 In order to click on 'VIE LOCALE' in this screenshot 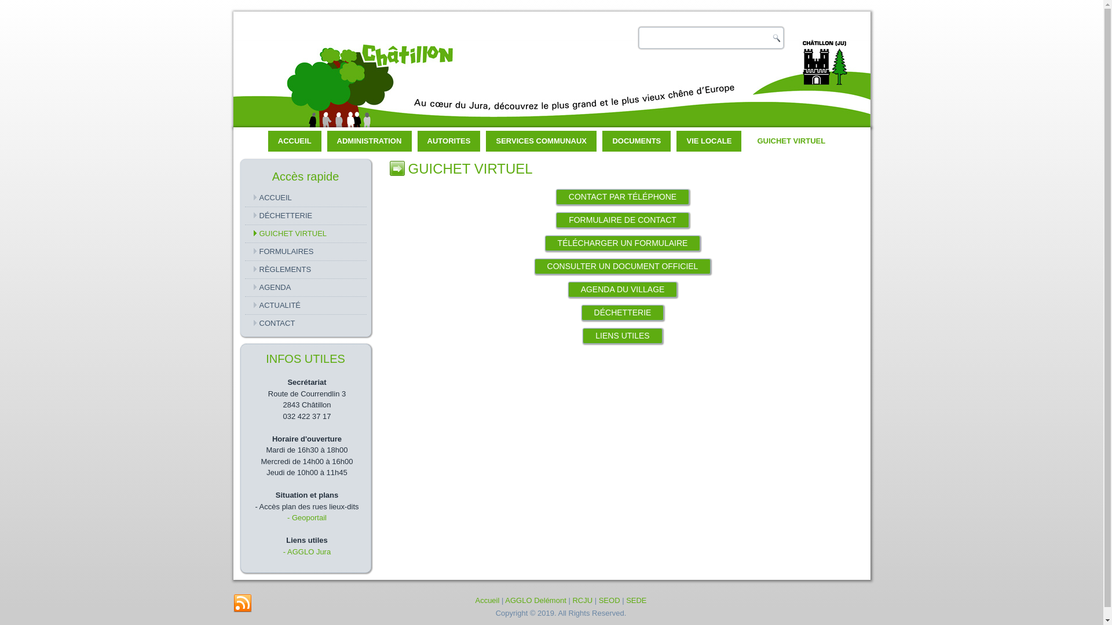, I will do `click(708, 140)`.